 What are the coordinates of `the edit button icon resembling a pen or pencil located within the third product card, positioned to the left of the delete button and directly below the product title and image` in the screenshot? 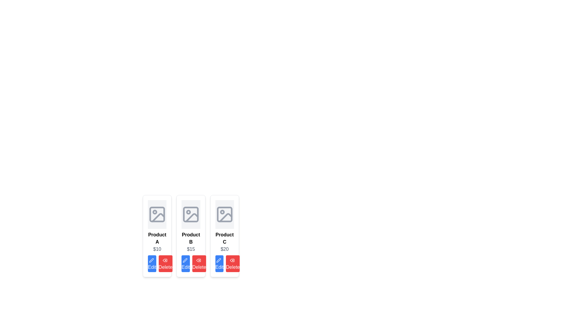 It's located at (218, 260).